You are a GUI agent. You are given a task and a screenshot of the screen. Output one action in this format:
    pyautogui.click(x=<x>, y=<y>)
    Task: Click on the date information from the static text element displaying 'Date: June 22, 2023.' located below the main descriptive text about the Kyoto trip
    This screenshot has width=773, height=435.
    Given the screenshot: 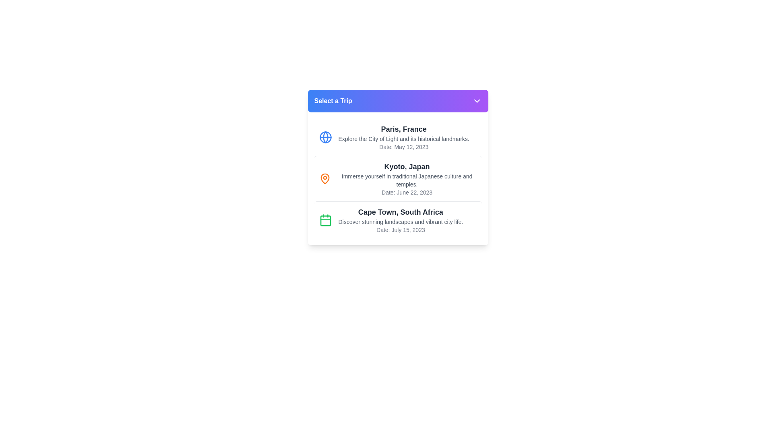 What is the action you would take?
    pyautogui.click(x=407, y=193)
    